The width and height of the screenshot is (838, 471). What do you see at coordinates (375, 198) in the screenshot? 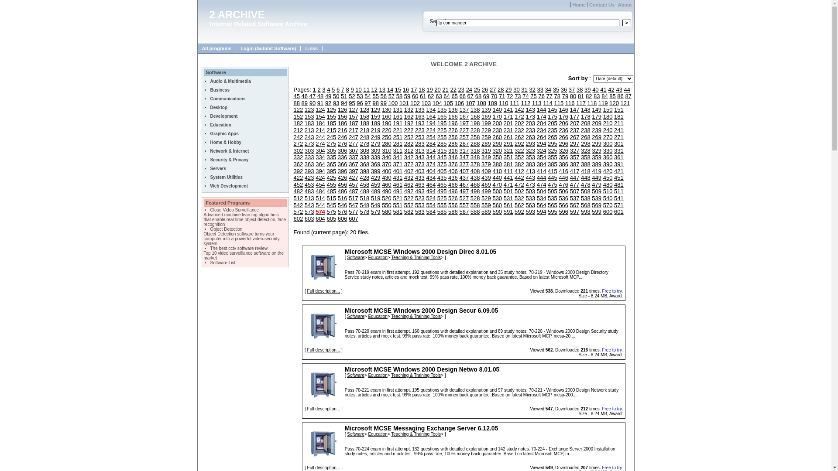
I see `'519'` at bounding box center [375, 198].